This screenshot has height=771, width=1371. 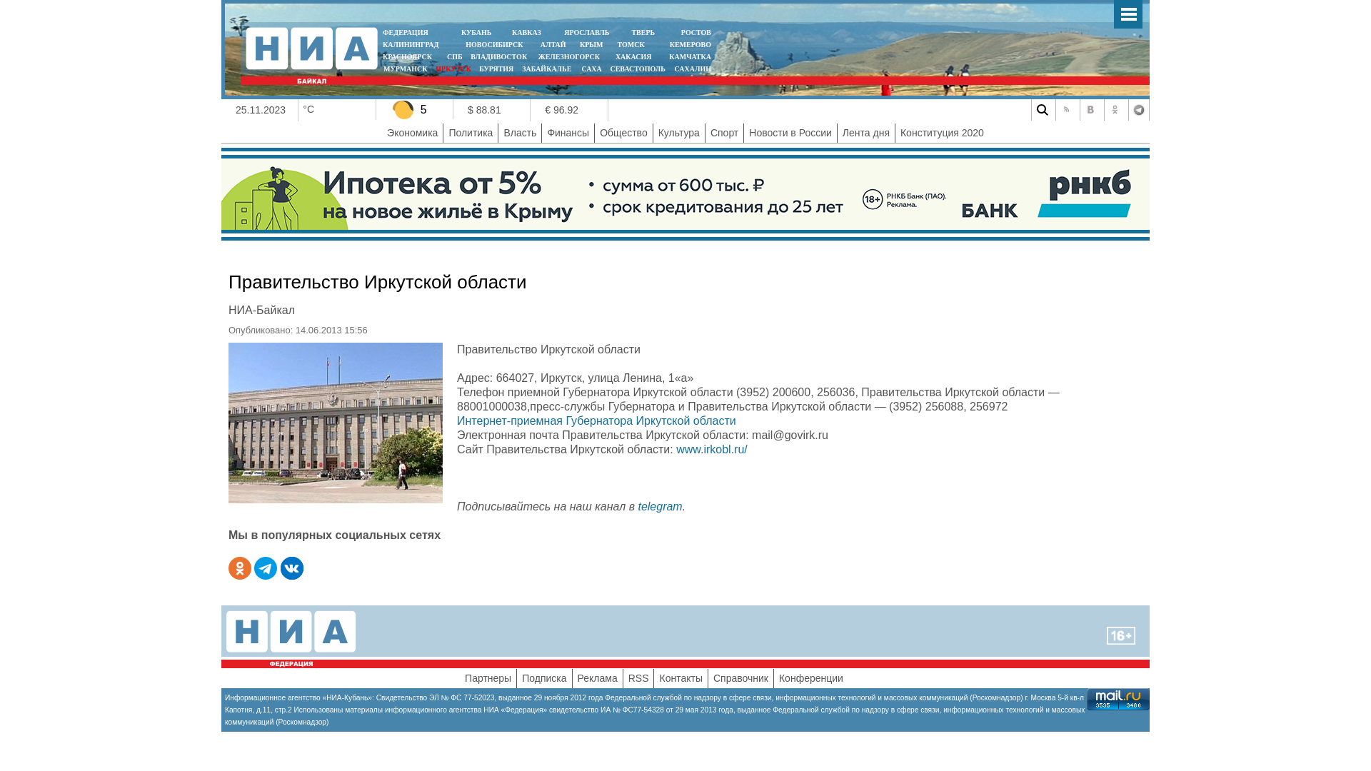 I want to click on 'www.irkobl.ru/', so click(x=712, y=448).